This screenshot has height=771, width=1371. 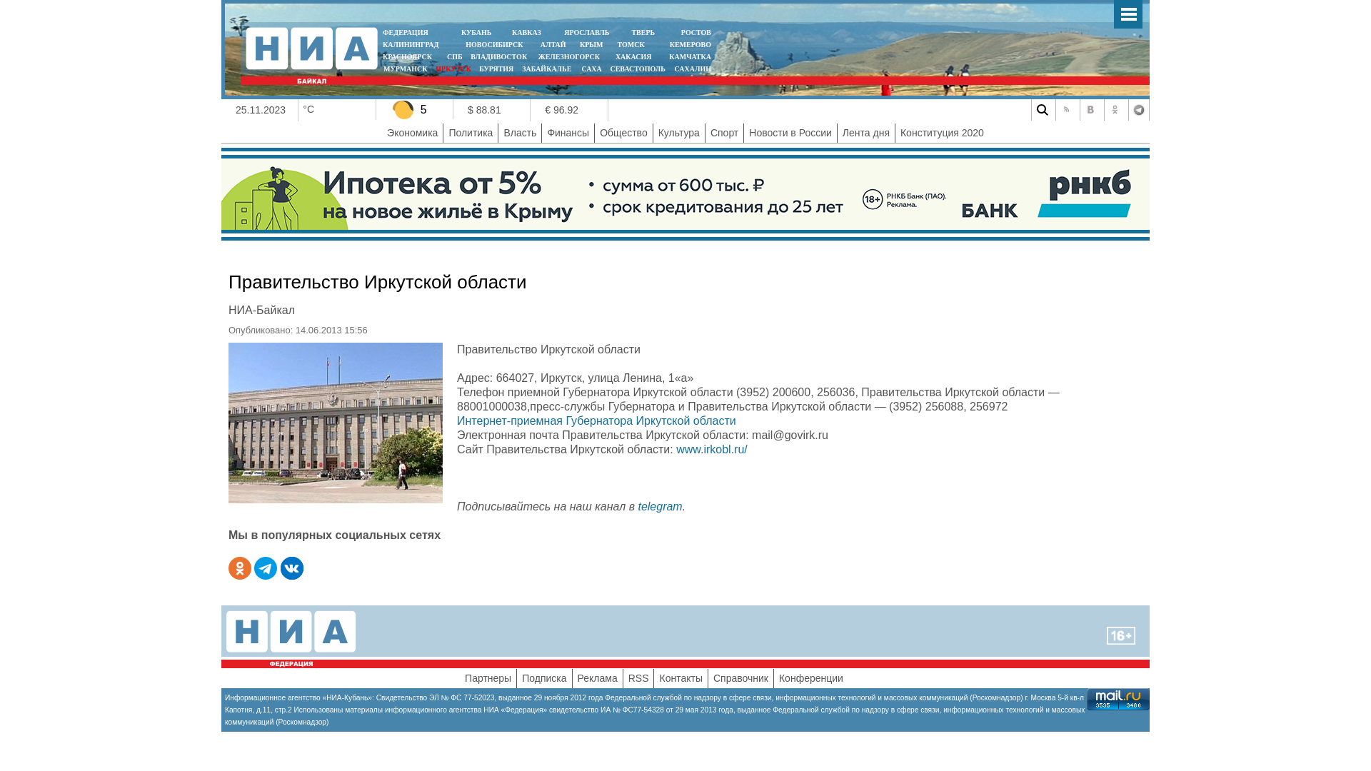 I want to click on 'www.irkobl.ru/', so click(x=712, y=448).